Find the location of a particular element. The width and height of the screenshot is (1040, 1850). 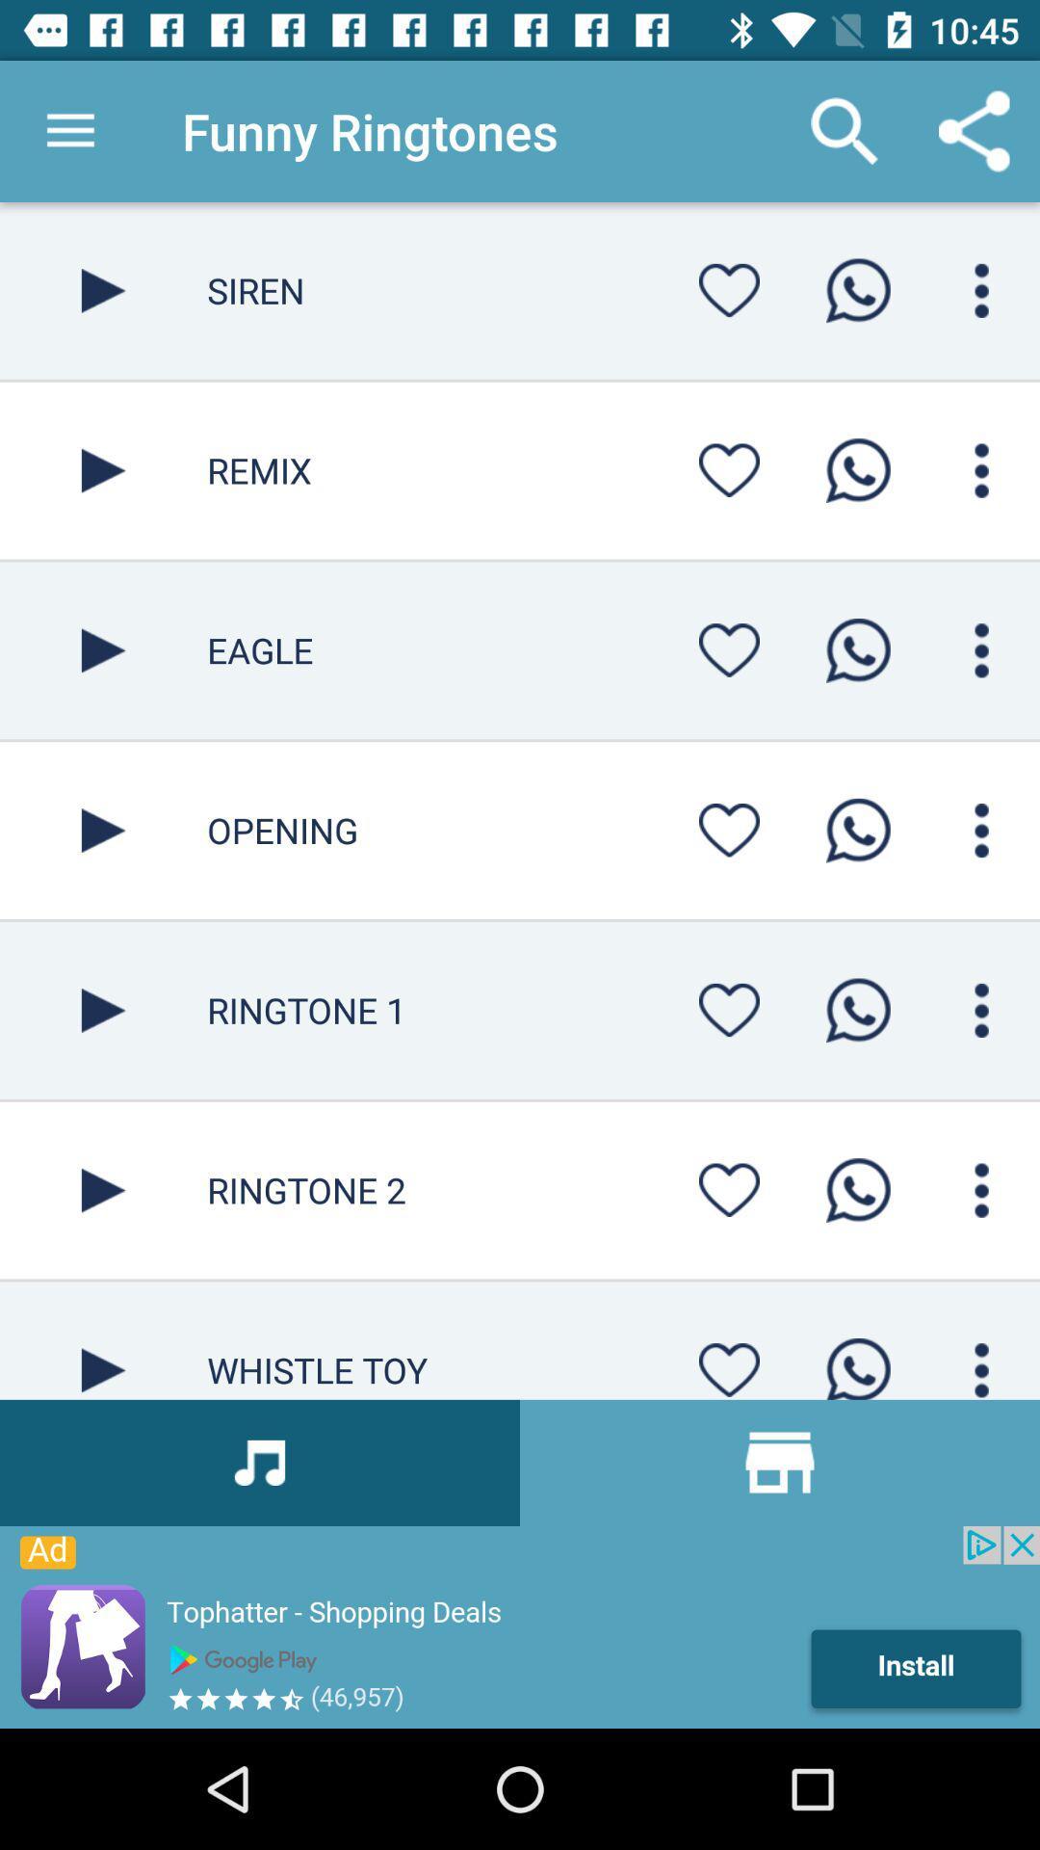

option is located at coordinates (103, 1189).